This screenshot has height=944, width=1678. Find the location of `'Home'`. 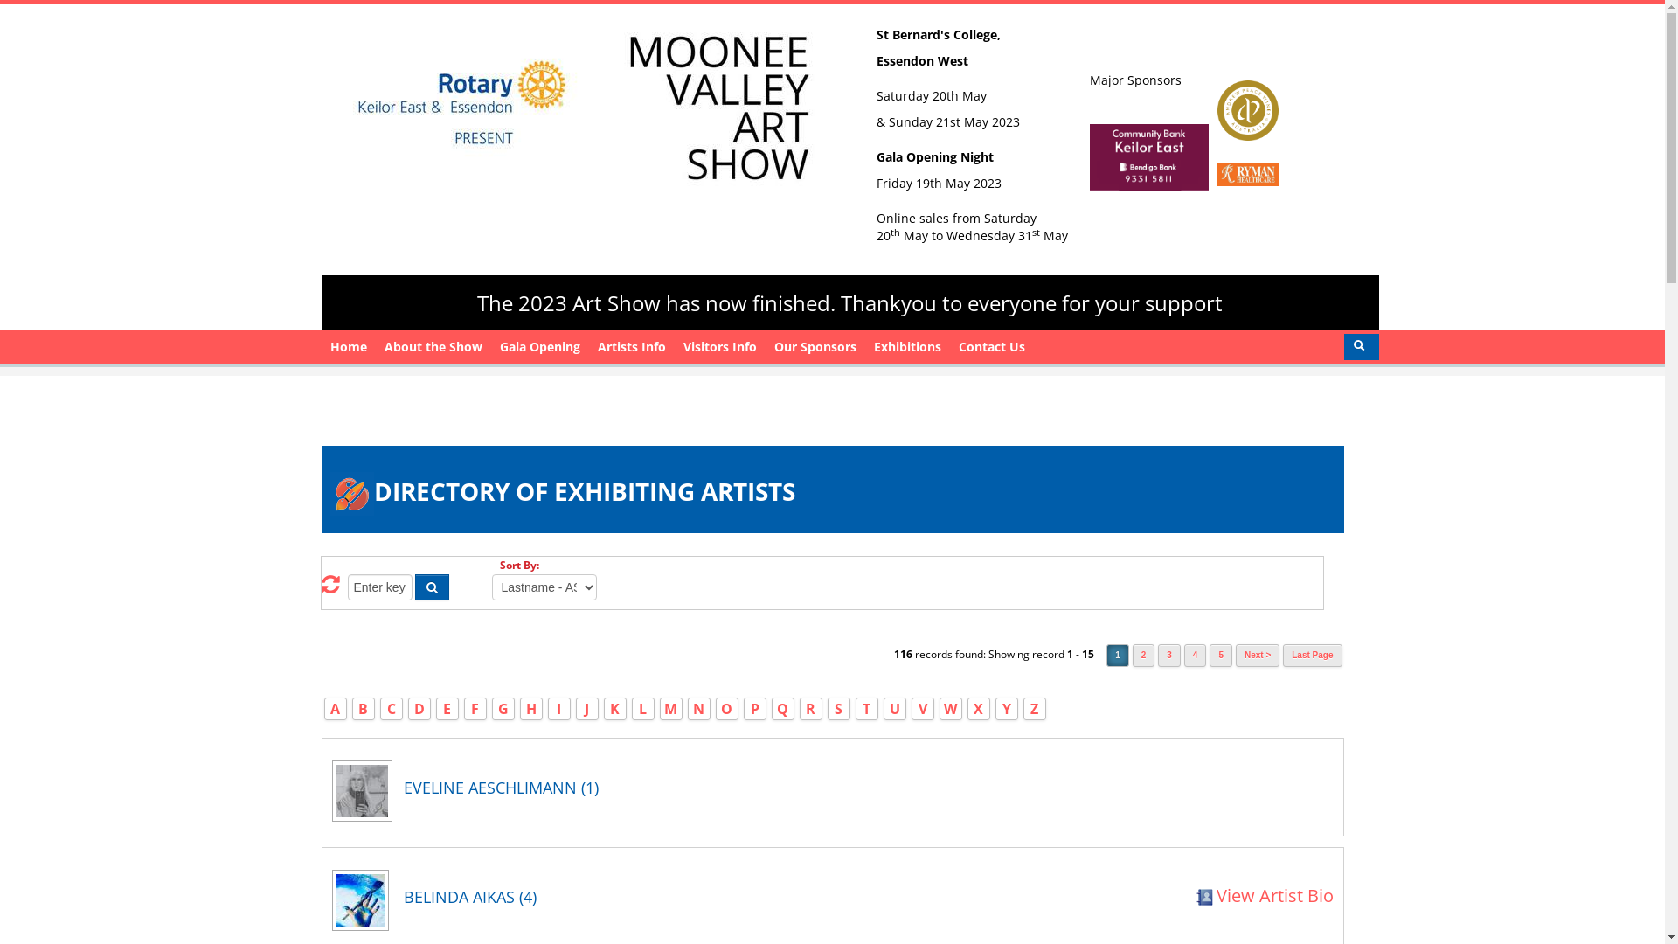

'Home' is located at coordinates (348, 347).